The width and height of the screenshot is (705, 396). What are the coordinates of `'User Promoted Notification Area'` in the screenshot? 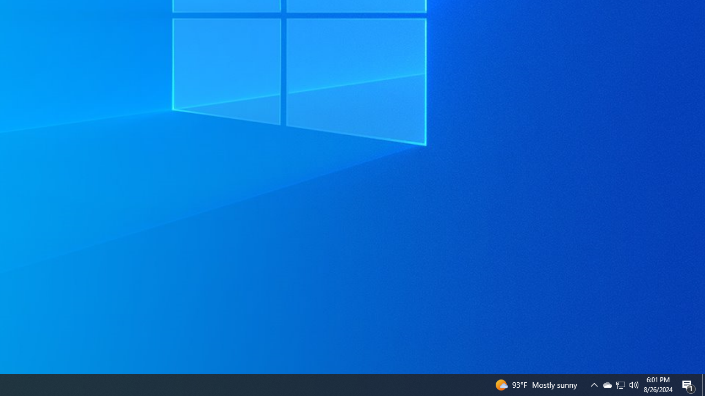 It's located at (634, 384).